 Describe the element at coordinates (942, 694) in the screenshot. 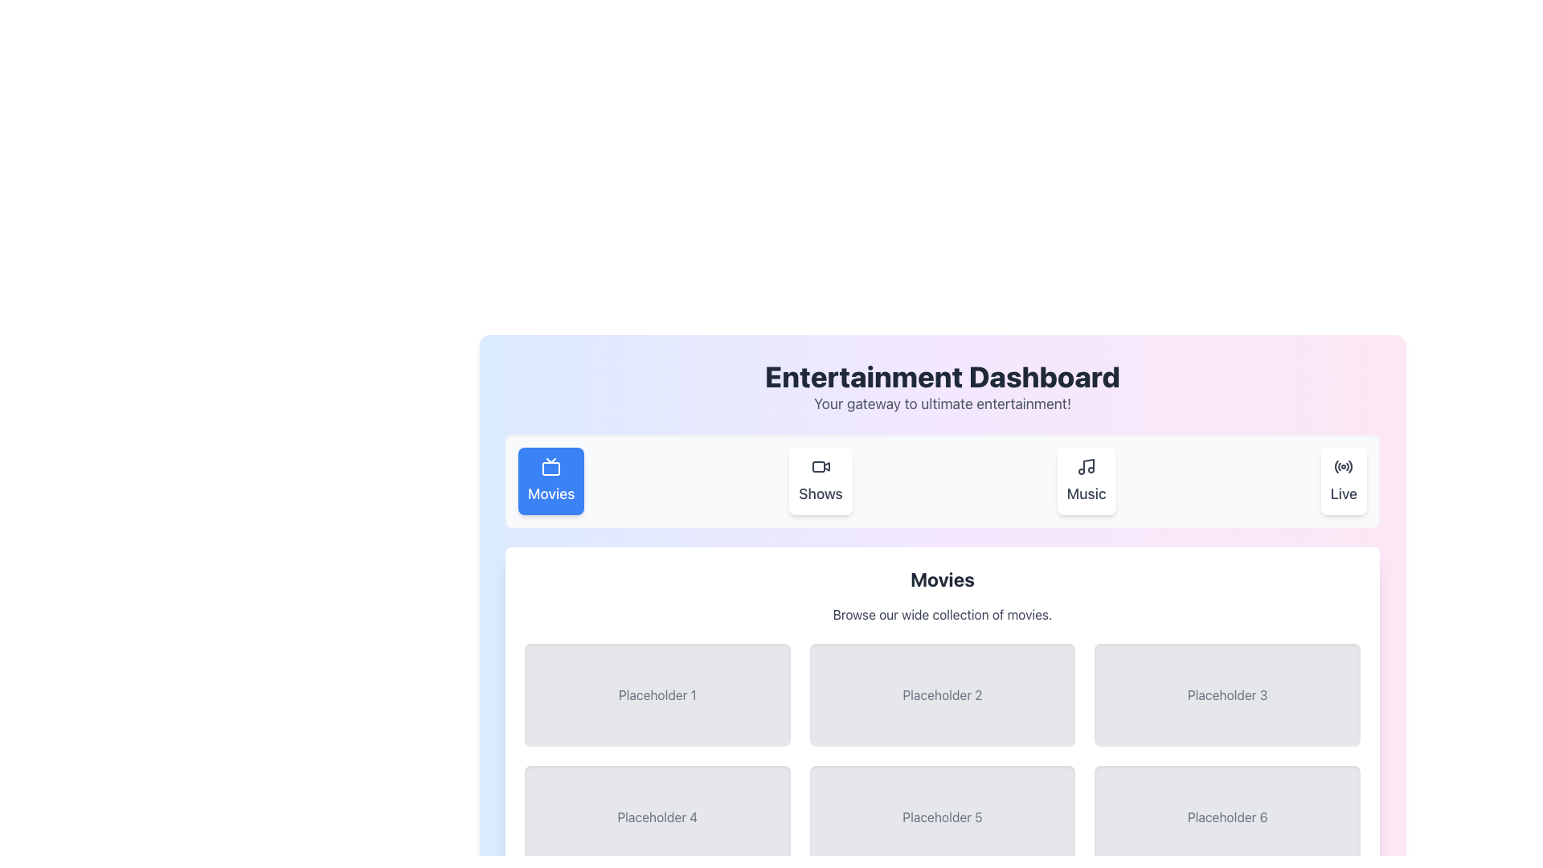

I see `the second static placeholder component, which has a light gray background and darker gray text reading 'Placeholder 2'` at that location.